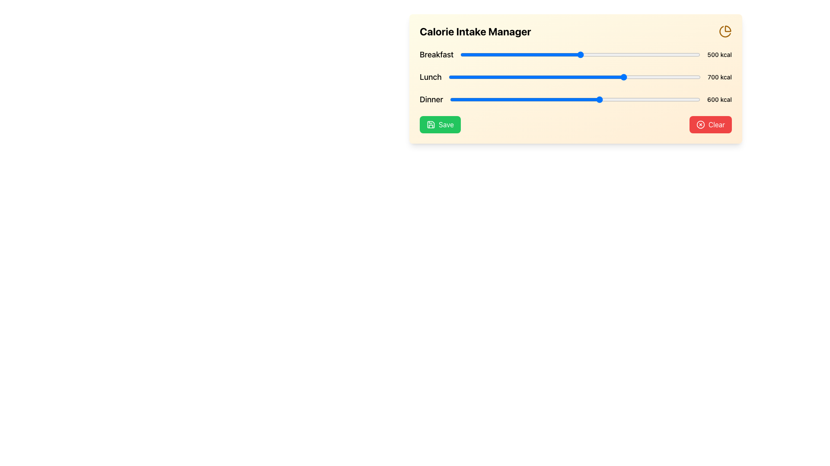  Describe the element at coordinates (673, 99) in the screenshot. I see `the dinner calorie intake slider` at that location.